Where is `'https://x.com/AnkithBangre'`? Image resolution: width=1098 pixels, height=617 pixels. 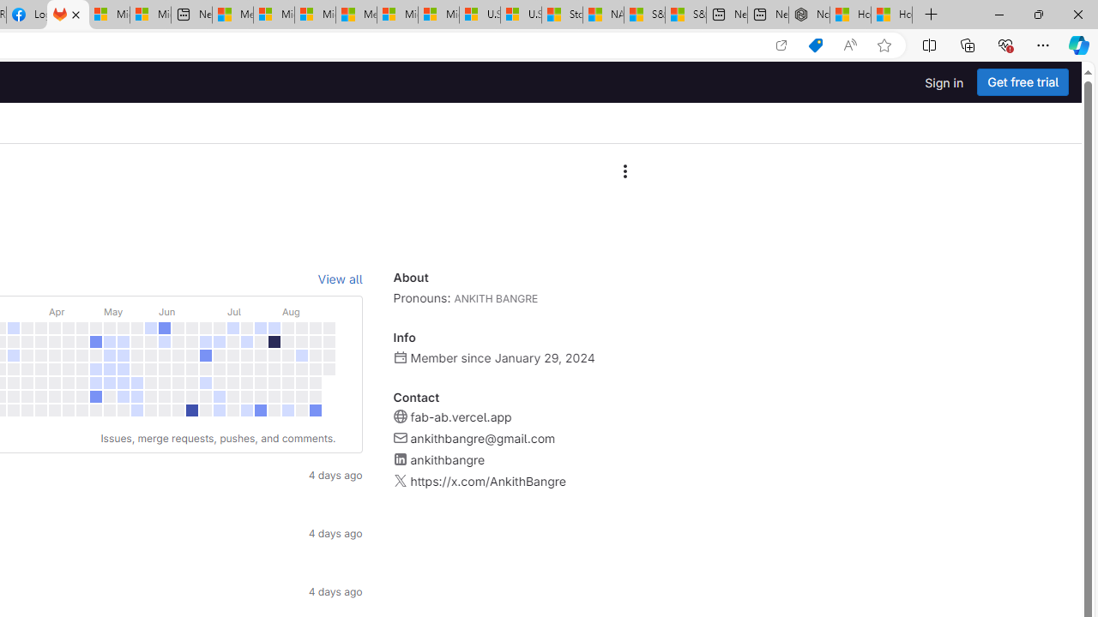 'https://x.com/AnkithBangre' is located at coordinates (486, 481).